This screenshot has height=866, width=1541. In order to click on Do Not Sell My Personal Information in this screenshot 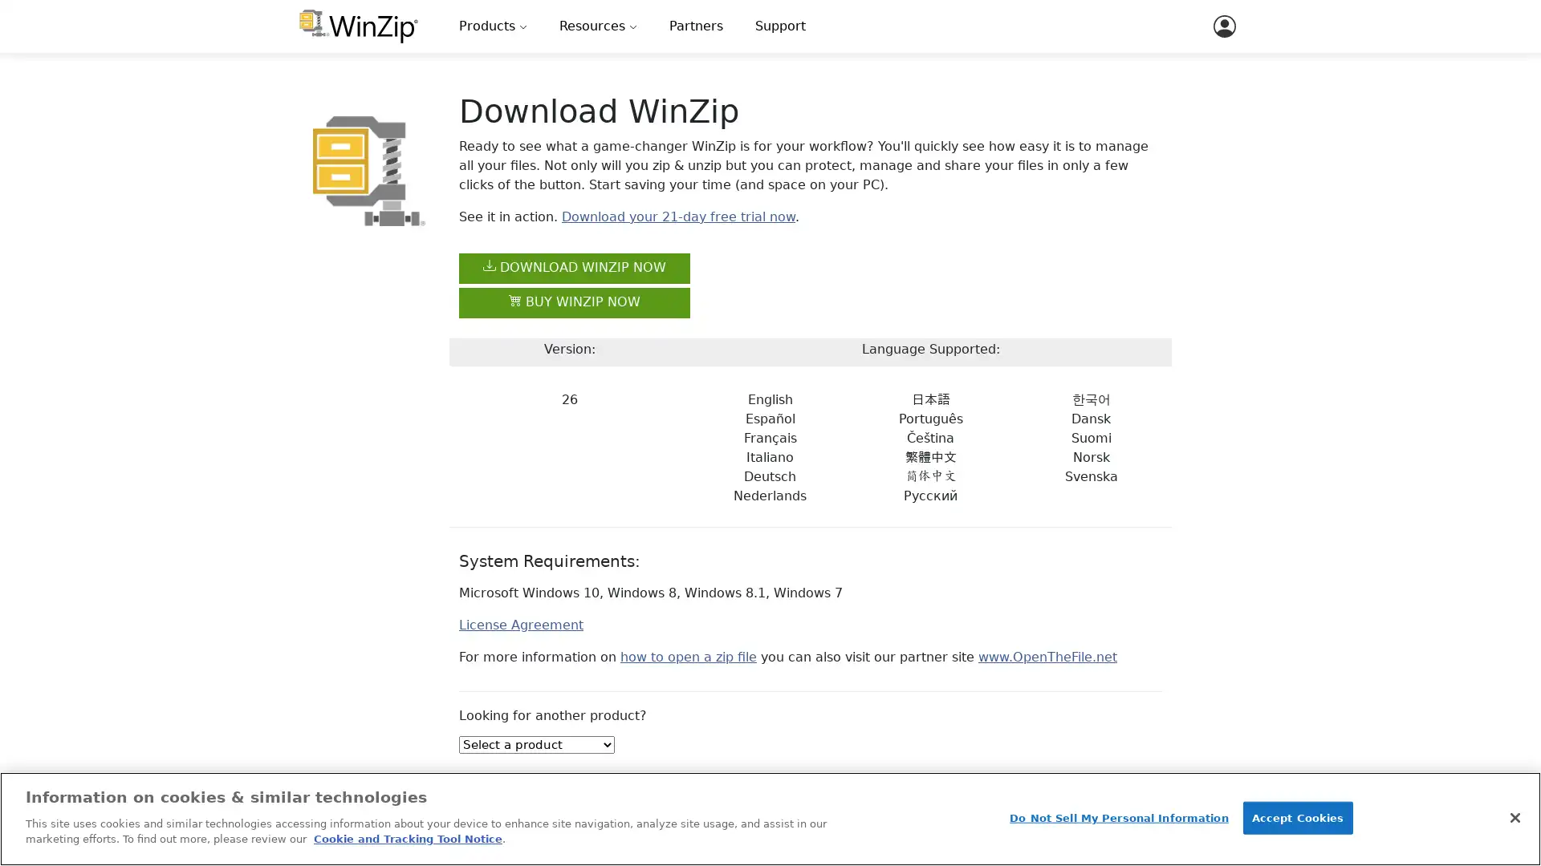, I will do `click(1117, 817)`.